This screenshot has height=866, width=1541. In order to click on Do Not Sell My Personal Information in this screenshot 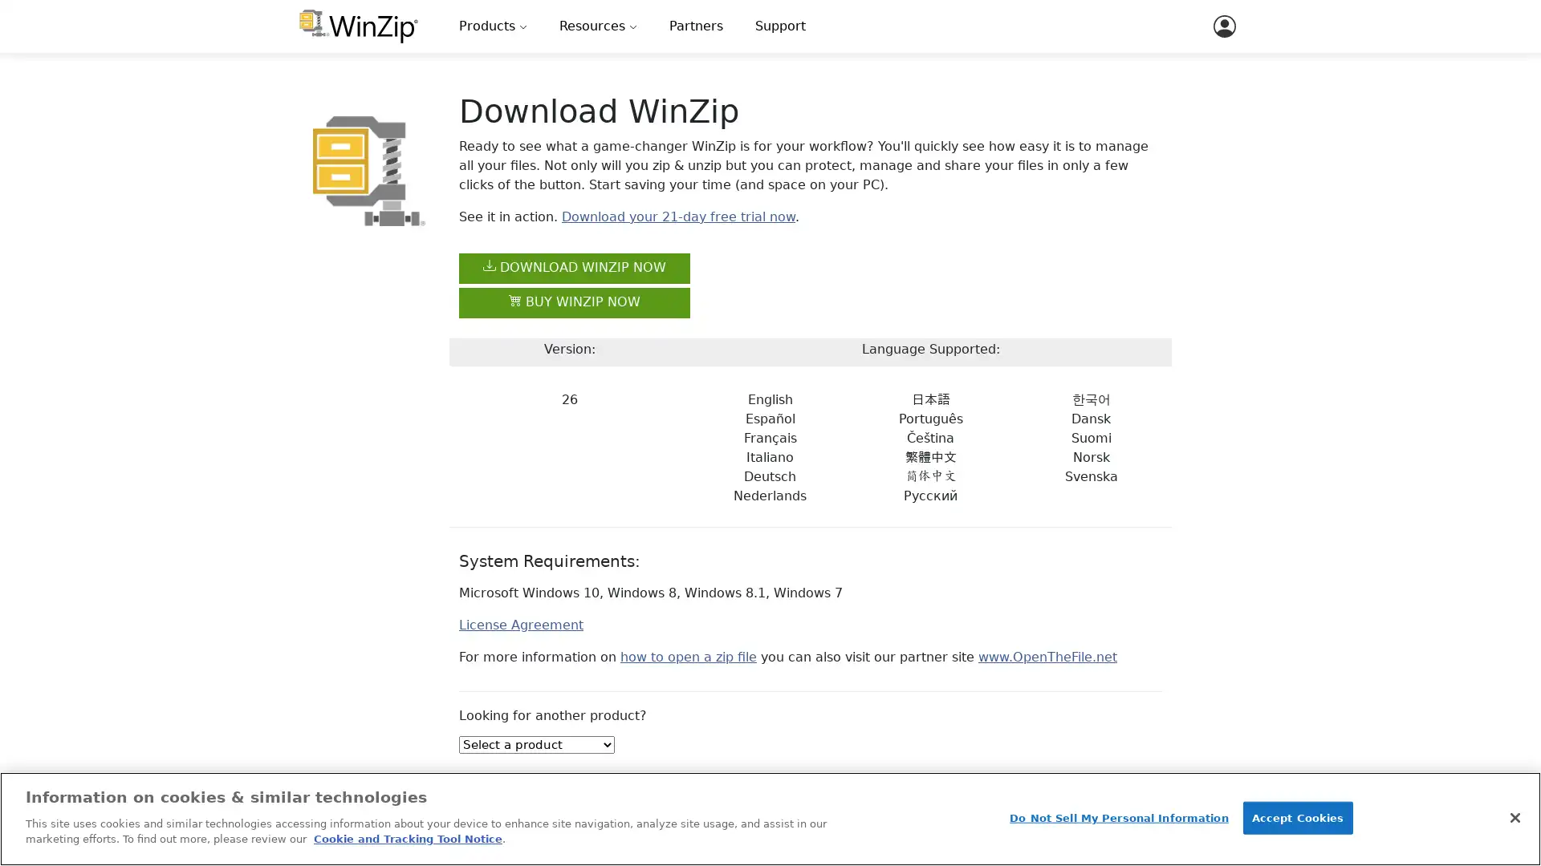, I will do `click(1117, 817)`.